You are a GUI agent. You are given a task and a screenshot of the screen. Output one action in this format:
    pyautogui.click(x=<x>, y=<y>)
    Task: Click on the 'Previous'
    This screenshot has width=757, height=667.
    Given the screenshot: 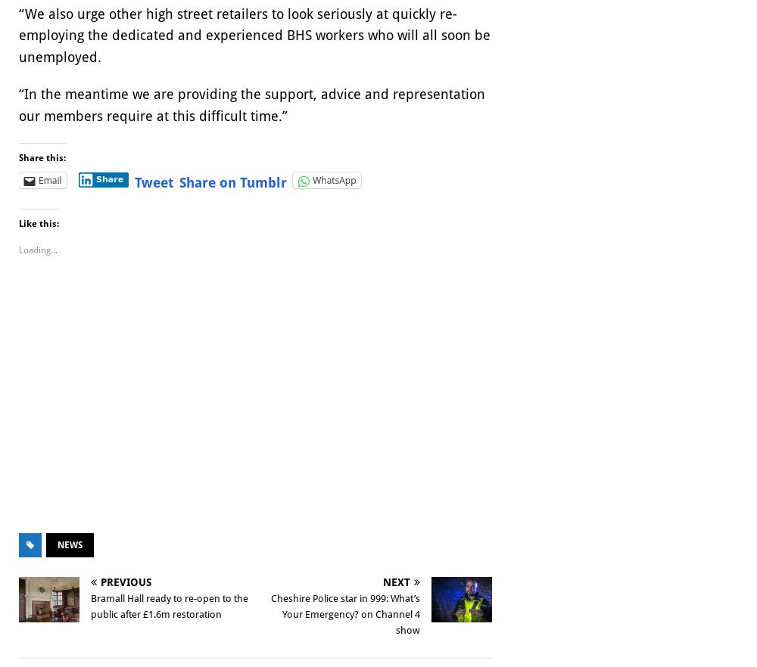 What is the action you would take?
    pyautogui.click(x=126, y=582)
    